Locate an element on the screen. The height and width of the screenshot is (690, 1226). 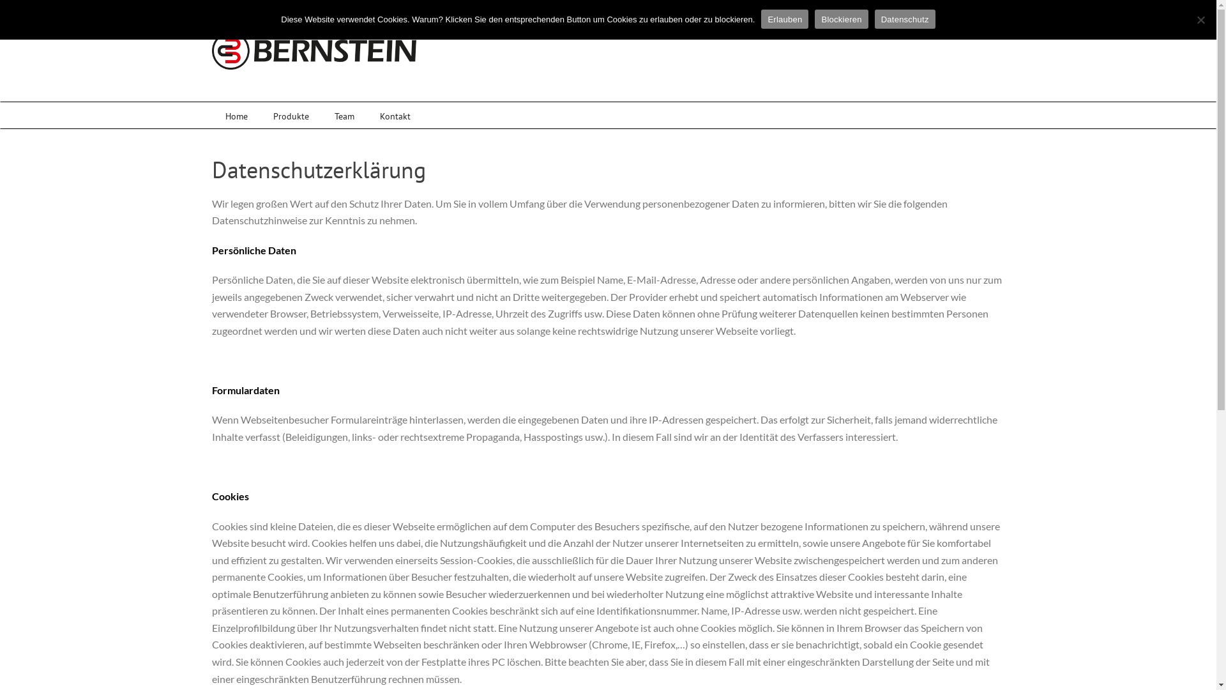
'Home' is located at coordinates (236, 116).